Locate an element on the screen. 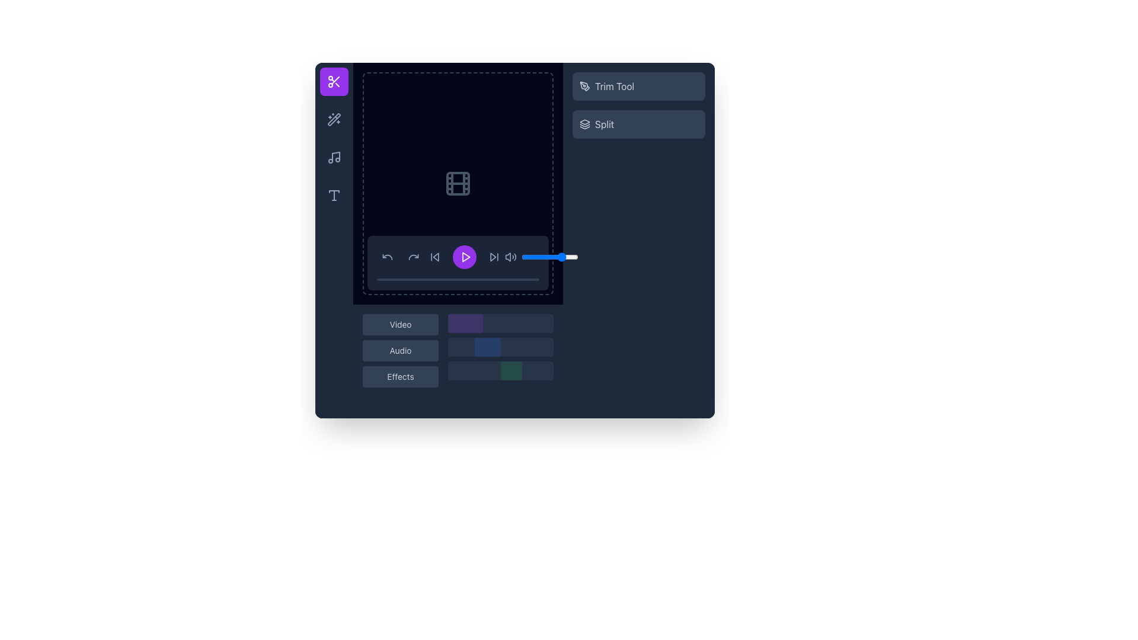 The height and width of the screenshot is (640, 1138). the redo button, which is represented by a curved arrow pointing to the right, styled in muted slate color, located in the control icons at the bottom center of the interface is located at coordinates (413, 257).